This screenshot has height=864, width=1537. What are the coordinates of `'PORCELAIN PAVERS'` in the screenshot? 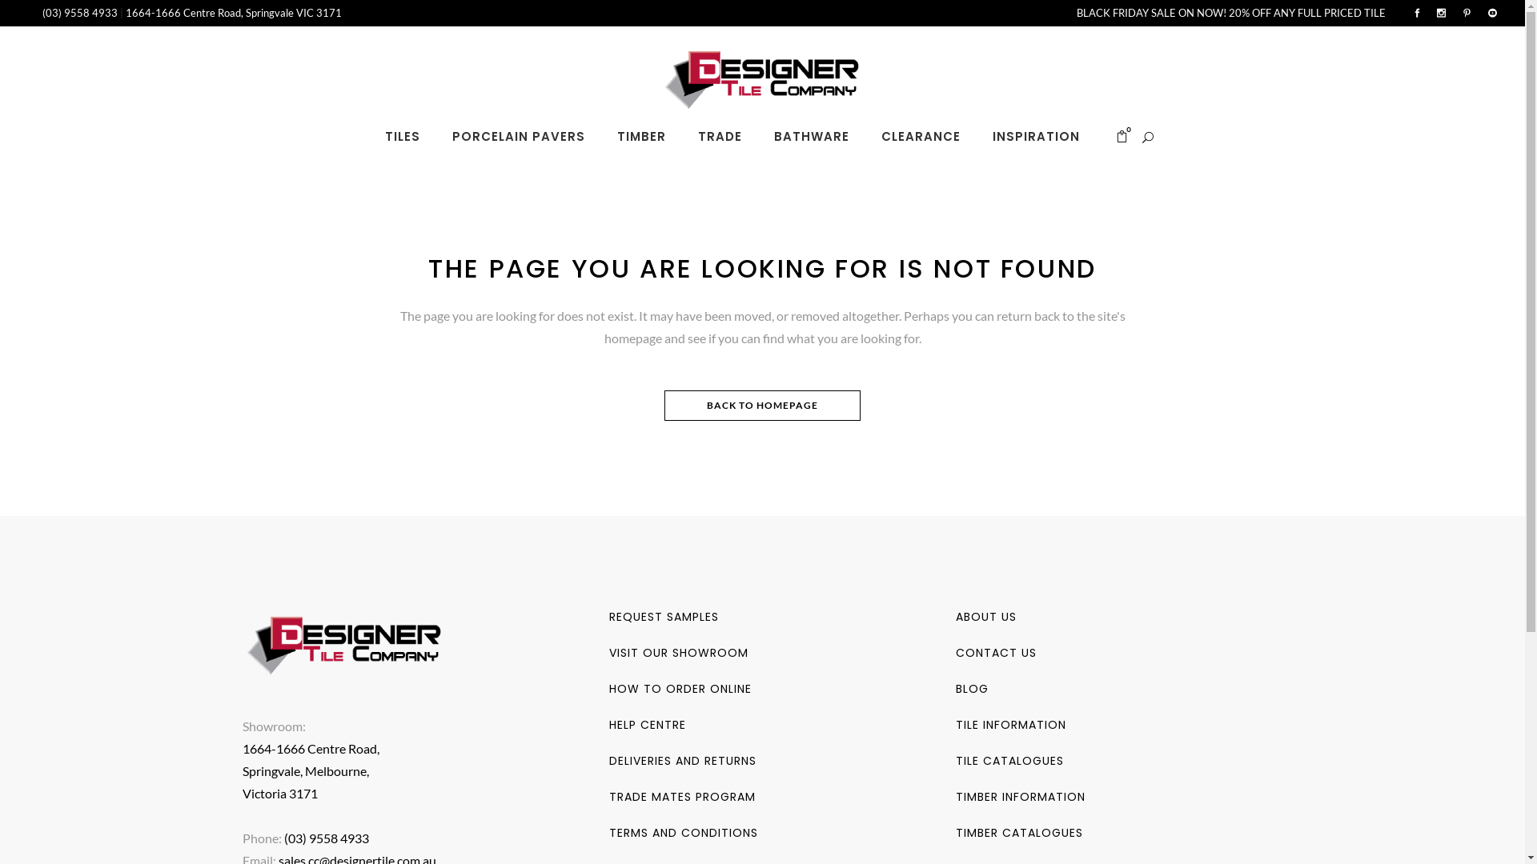 It's located at (519, 135).